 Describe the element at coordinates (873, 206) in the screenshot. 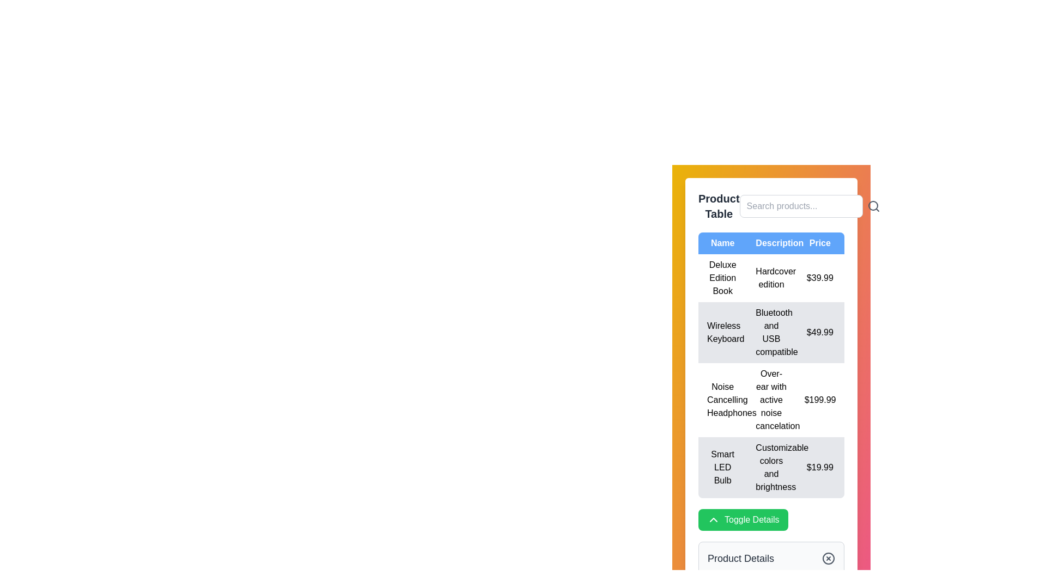

I see `the circular graphical icon component located in the top-right corner of the product table interface, next to the search input field` at that location.